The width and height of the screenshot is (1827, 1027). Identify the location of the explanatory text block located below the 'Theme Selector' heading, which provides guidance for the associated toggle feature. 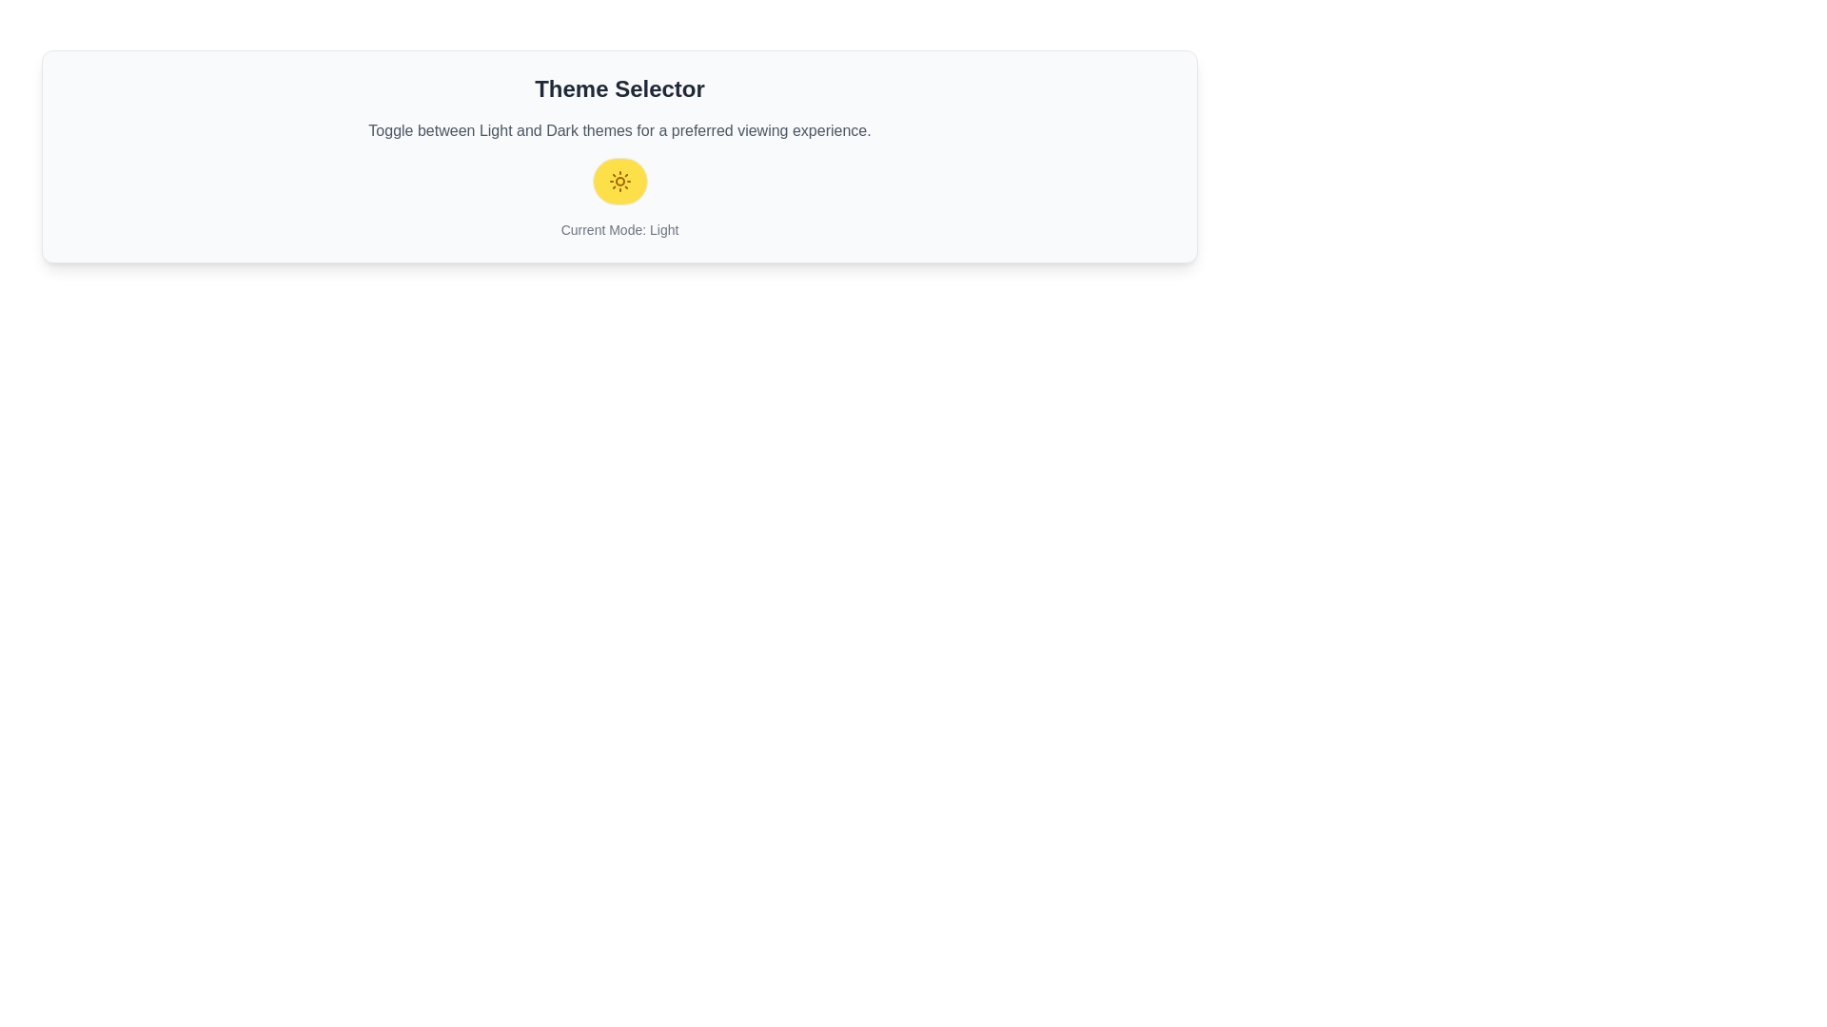
(619, 130).